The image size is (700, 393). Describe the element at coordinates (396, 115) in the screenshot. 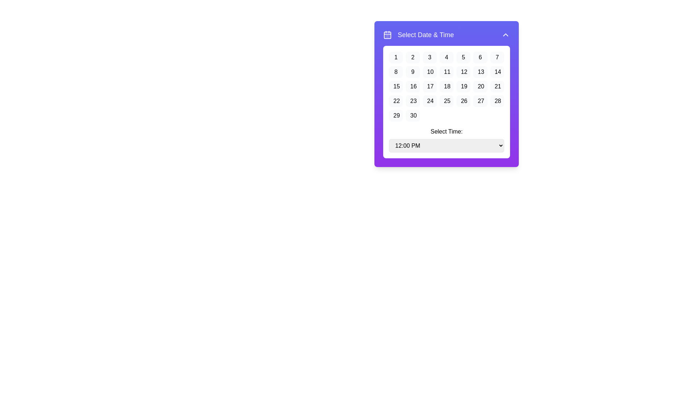

I see `the date selection button located in the 6th row, 1st column of the grid layout to change its background color` at that location.